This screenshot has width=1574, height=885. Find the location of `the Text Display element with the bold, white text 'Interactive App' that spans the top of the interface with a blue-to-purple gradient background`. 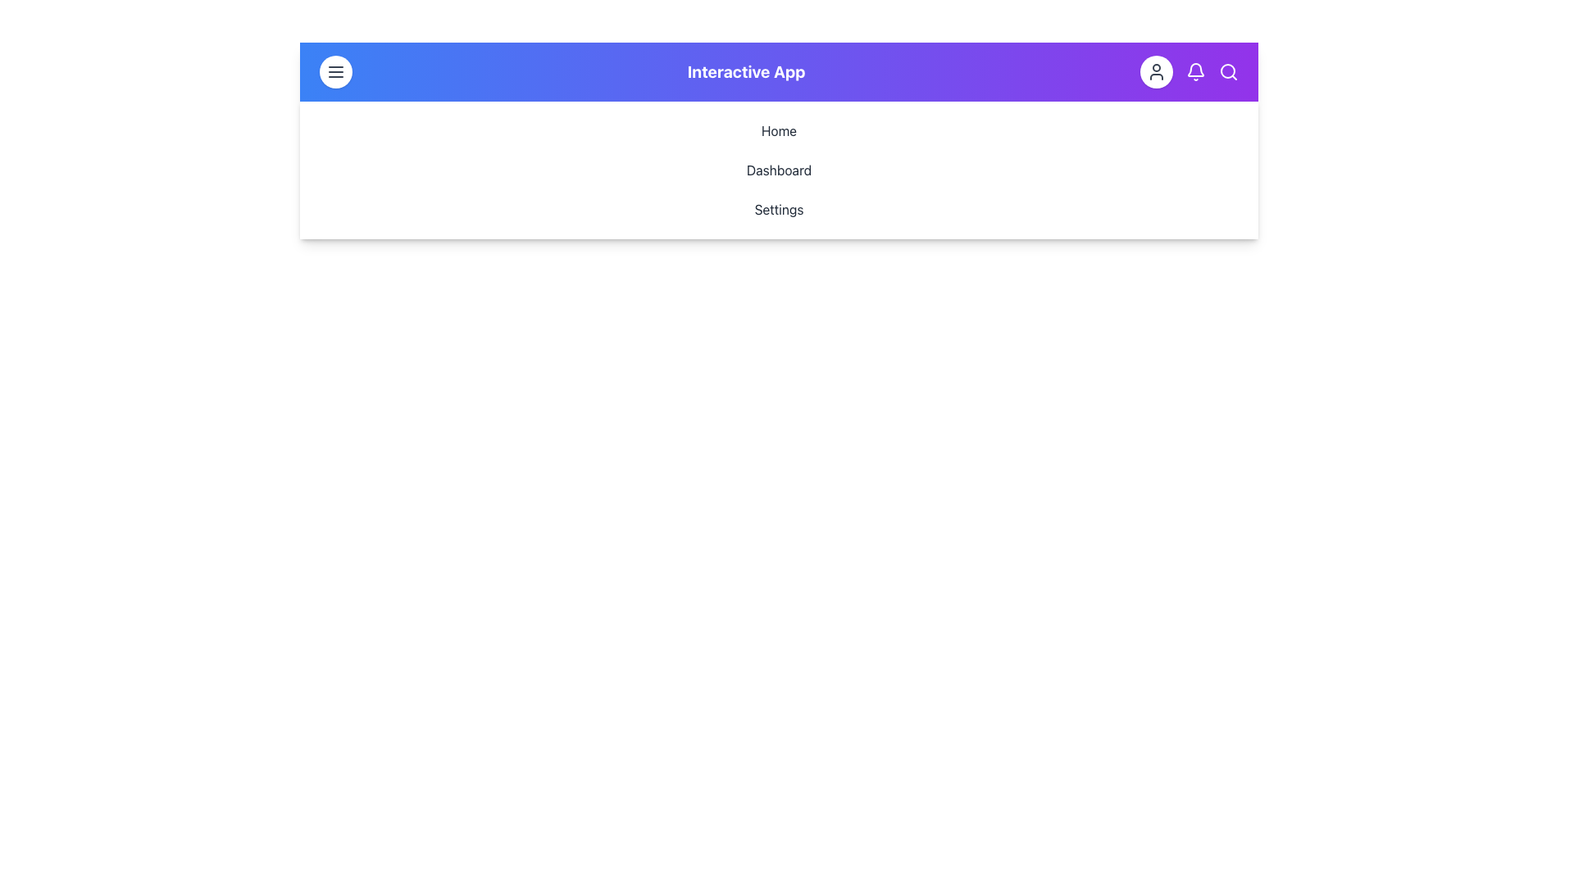

the Text Display element with the bold, white text 'Interactive App' that spans the top of the interface with a blue-to-purple gradient background is located at coordinates (778, 71).